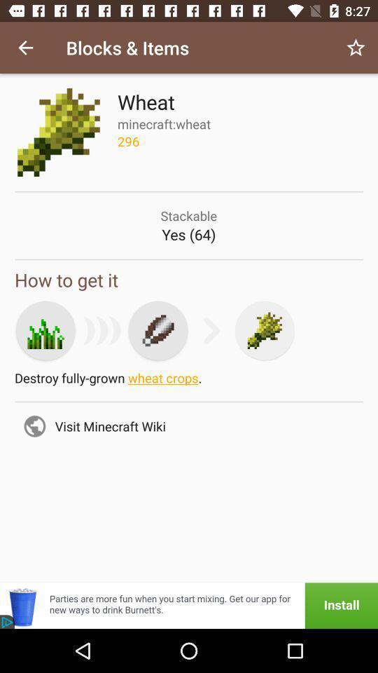  What do you see at coordinates (189, 605) in the screenshot?
I see `click on advertisement` at bounding box center [189, 605].